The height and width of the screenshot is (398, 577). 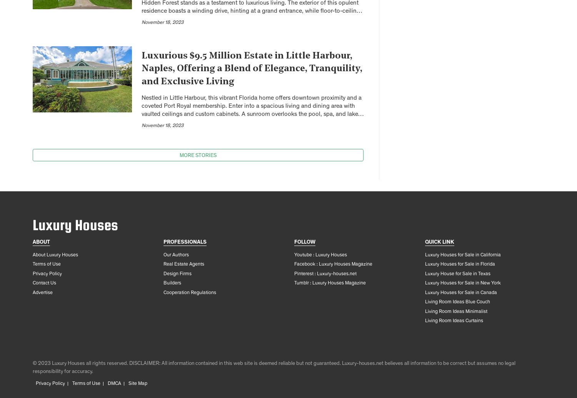 What do you see at coordinates (252, 69) in the screenshot?
I see `'Luxurious $9.5 Million Estate in Little Harbour, Naples, Offering a Blend of Elegance, Tranquility, and Exclusive Living'` at bounding box center [252, 69].